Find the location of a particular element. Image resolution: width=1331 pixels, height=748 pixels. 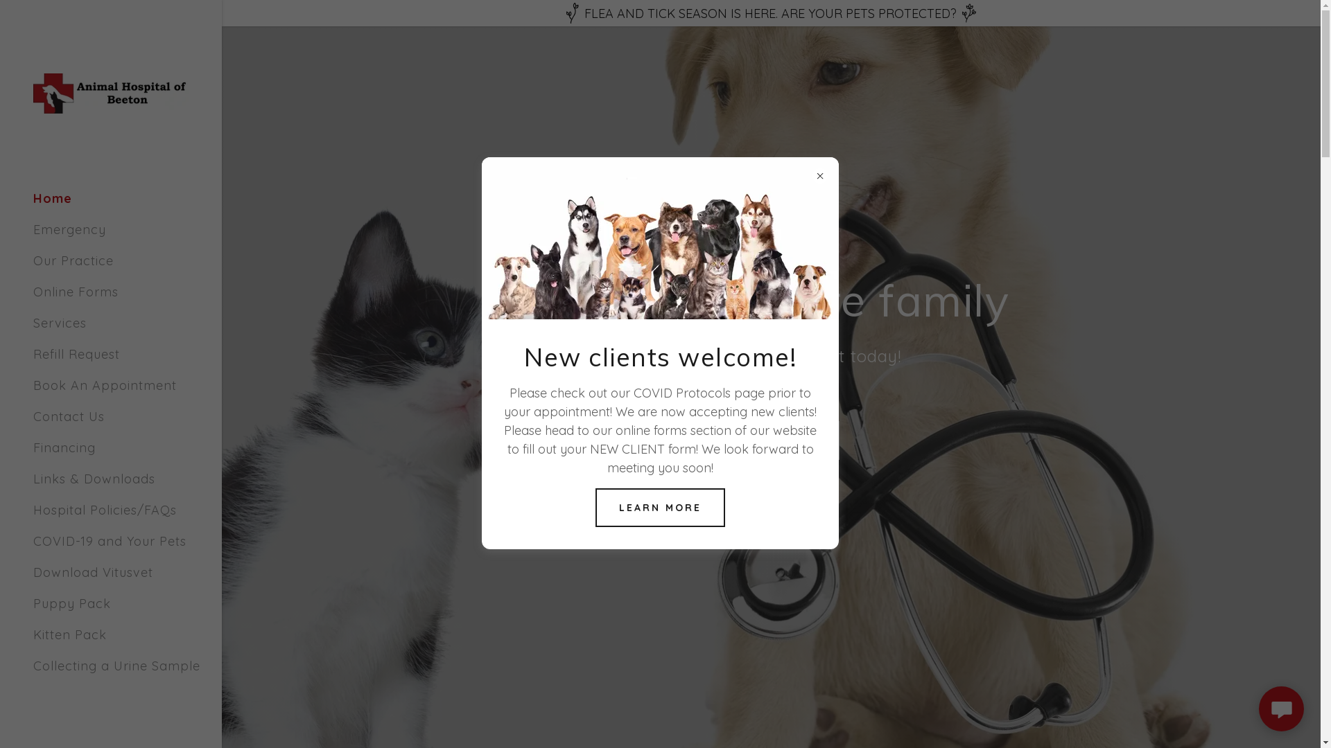

'Services' is located at coordinates (33, 323).